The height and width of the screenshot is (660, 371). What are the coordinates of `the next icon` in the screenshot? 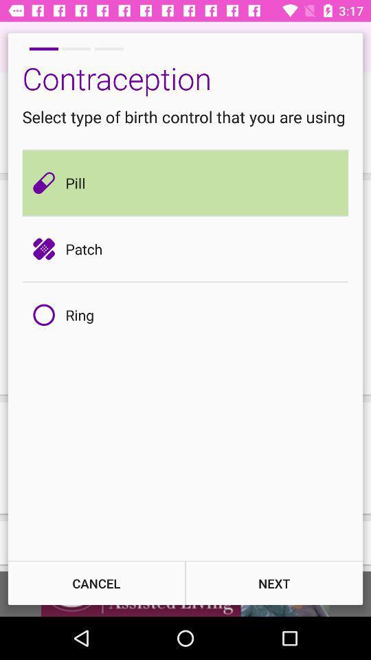 It's located at (274, 582).